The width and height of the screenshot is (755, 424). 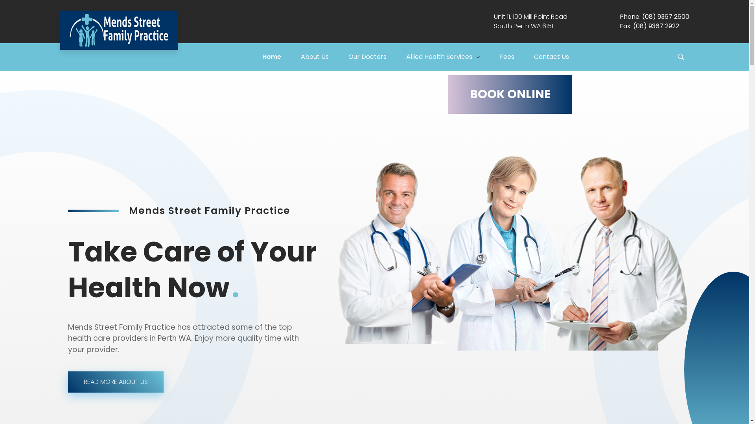 I want to click on 'BOOK ONLINE', so click(x=510, y=94).